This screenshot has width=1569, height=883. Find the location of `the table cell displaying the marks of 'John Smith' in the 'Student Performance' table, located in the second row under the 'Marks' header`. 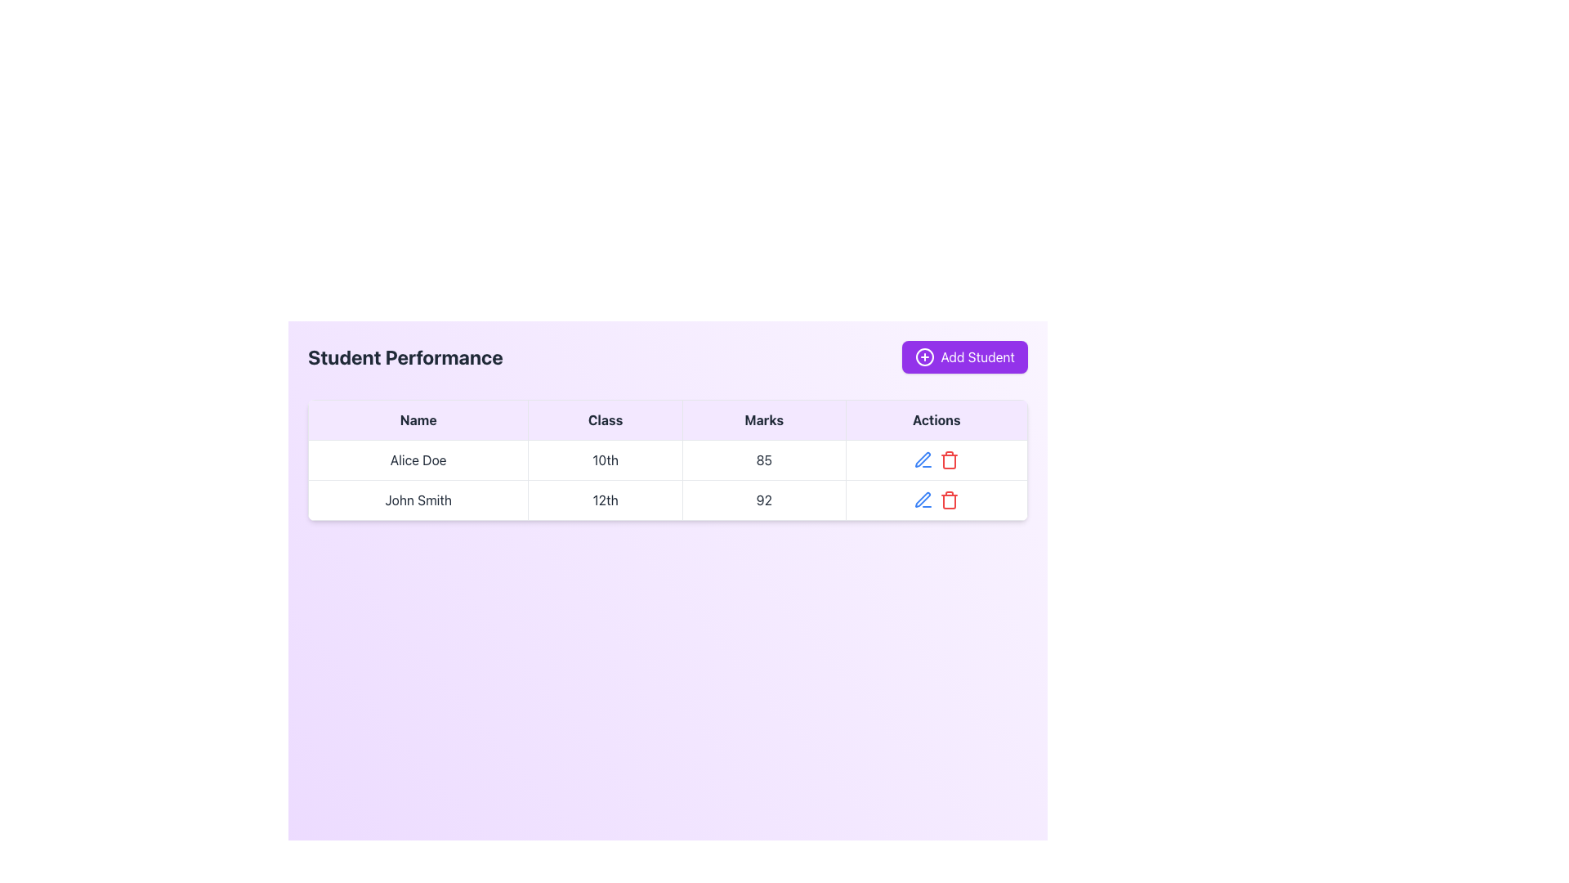

the table cell displaying the marks of 'John Smith' in the 'Student Performance' table, located in the second row under the 'Marks' header is located at coordinates (763, 500).